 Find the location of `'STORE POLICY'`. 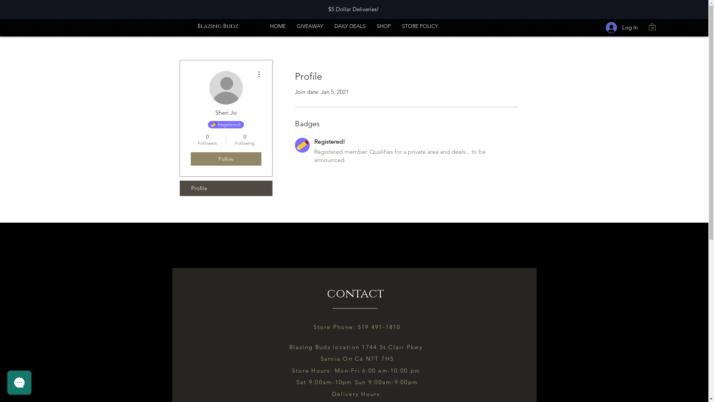

'STORE POLICY' is located at coordinates (420, 25).